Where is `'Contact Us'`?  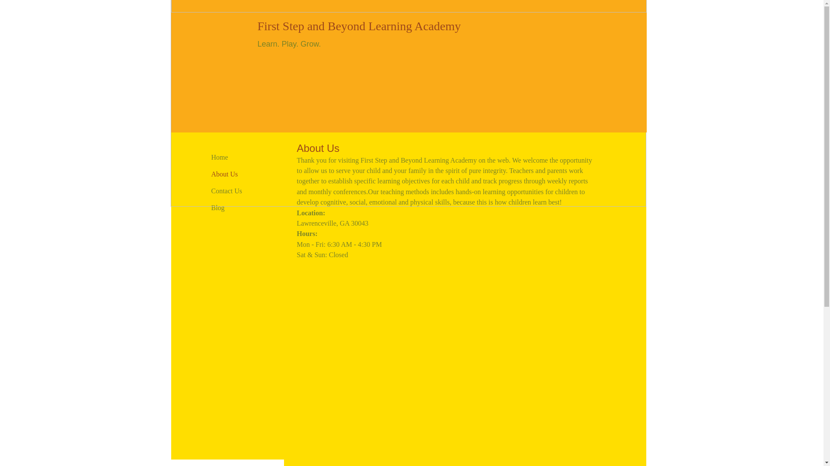 'Contact Us' is located at coordinates (226, 191).